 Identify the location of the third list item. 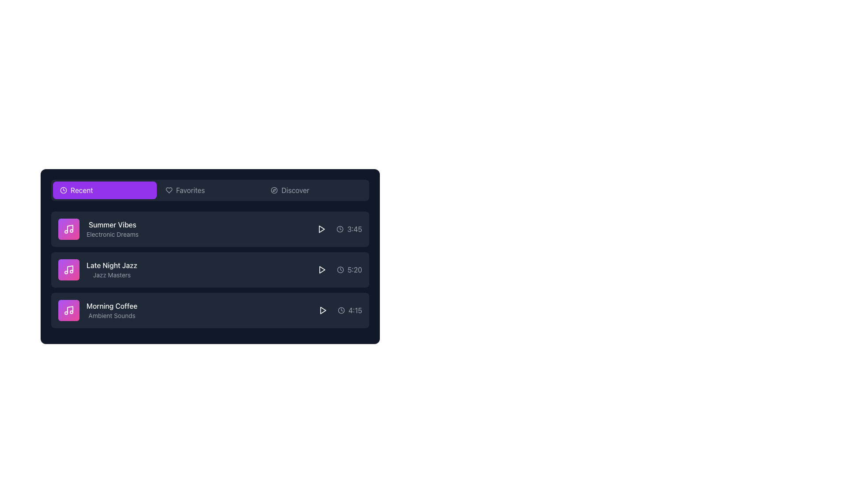
(209, 310).